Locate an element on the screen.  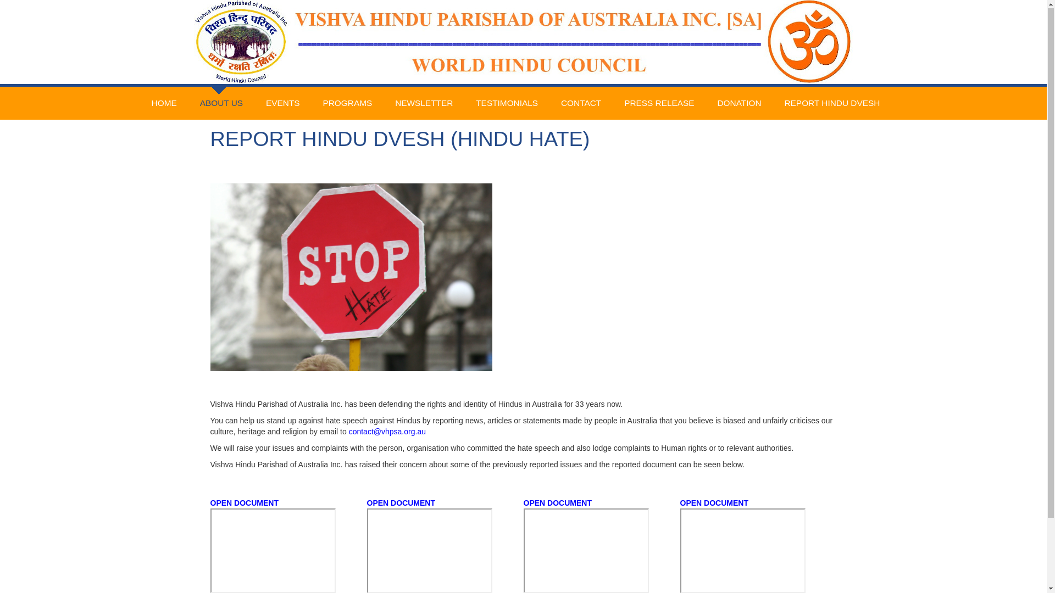
'contact@vhpsa.org.au' is located at coordinates (387, 431).